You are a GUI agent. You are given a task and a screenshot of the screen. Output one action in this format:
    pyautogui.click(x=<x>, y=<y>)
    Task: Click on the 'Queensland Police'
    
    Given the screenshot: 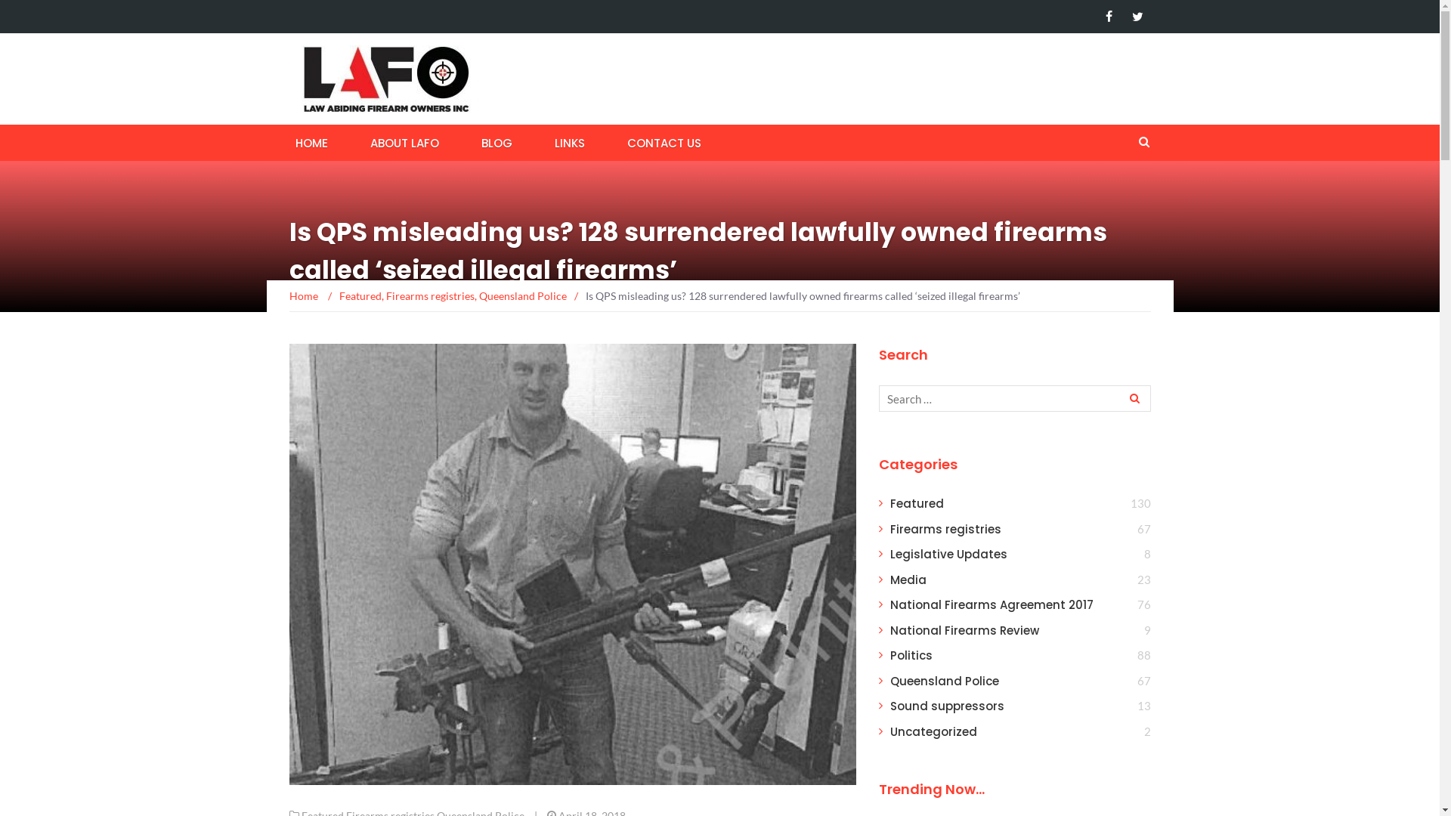 What is the action you would take?
    pyautogui.click(x=943, y=681)
    